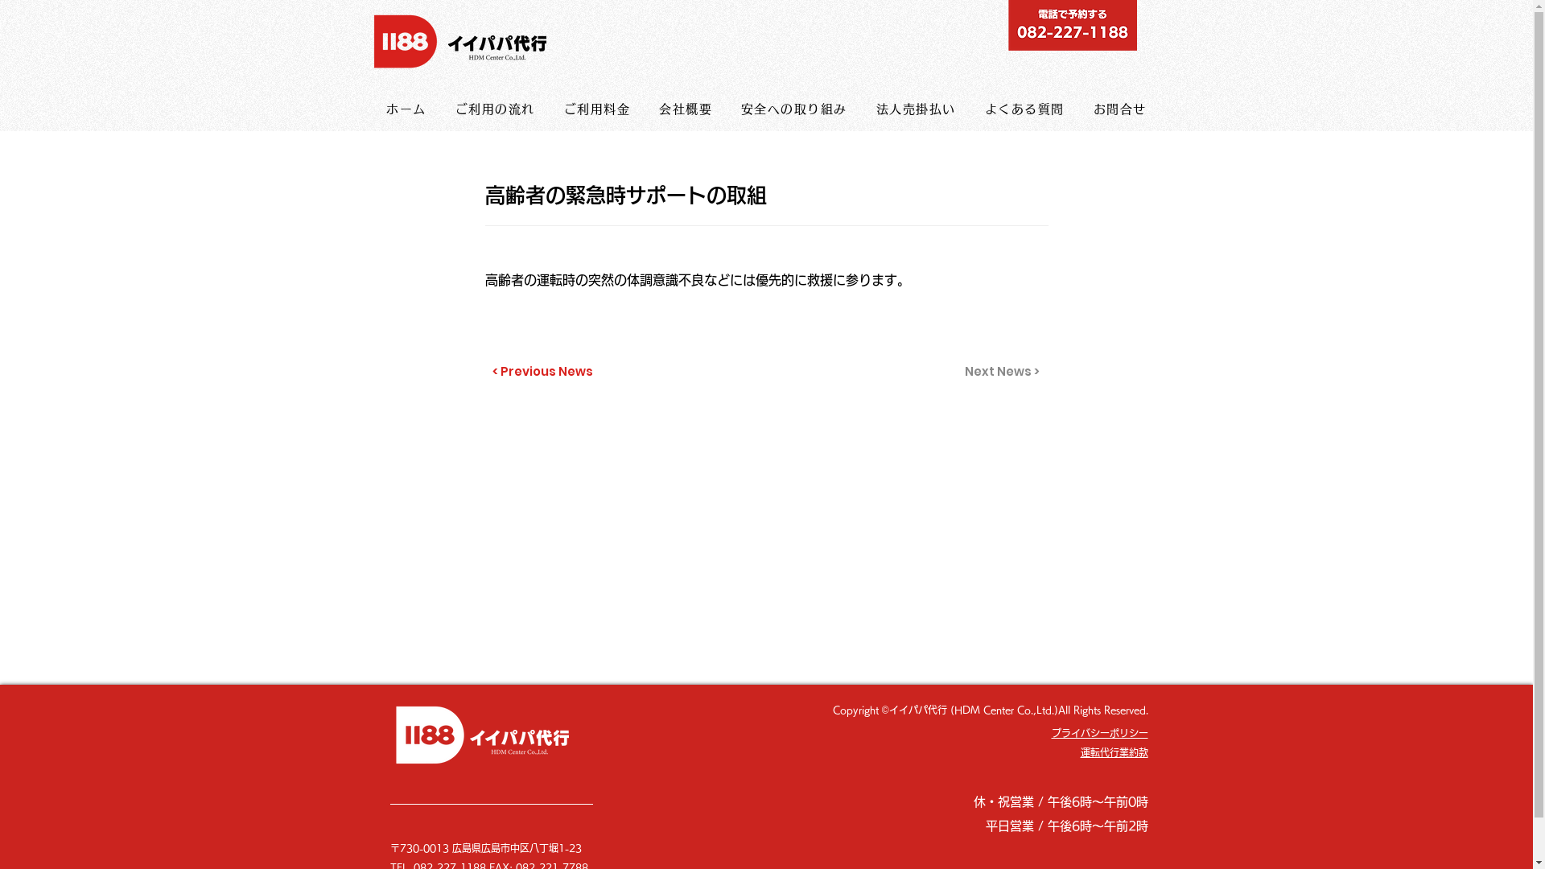  Describe the element at coordinates (545, 372) in the screenshot. I see `'< Previous News'` at that location.